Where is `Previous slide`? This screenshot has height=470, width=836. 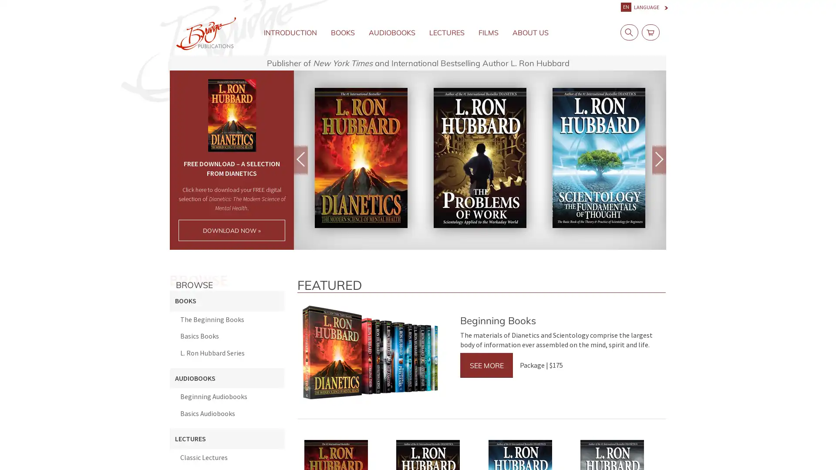 Previous slide is located at coordinates (301, 159).